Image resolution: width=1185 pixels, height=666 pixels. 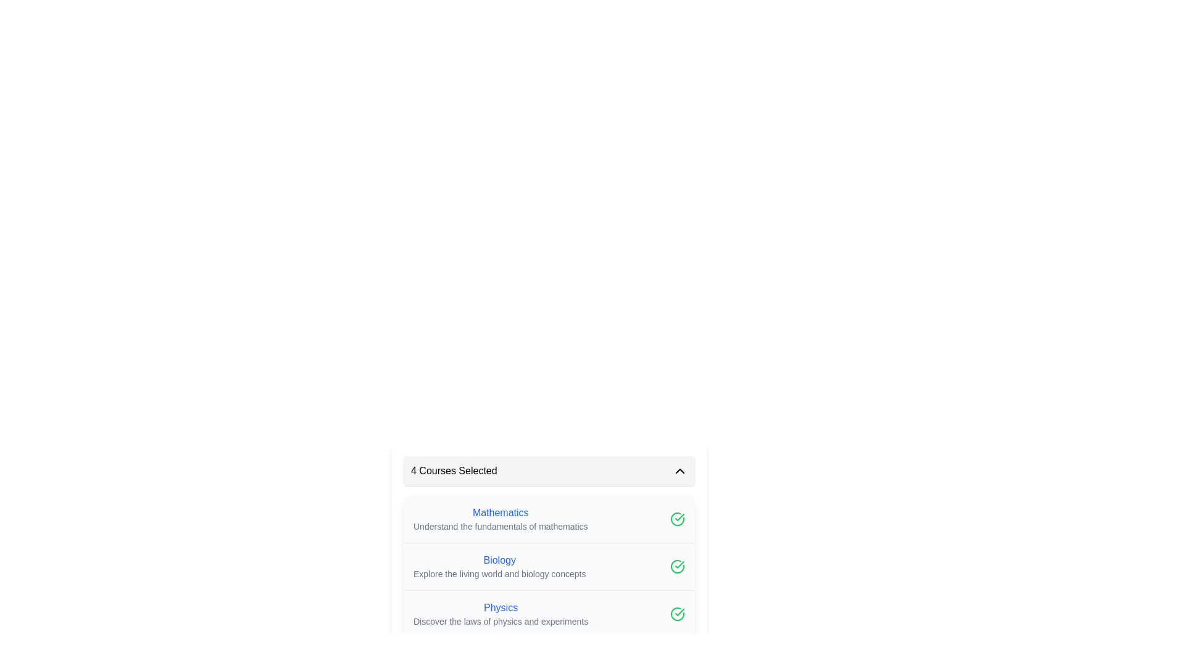 I want to click on the non-interactive static text that provides a description of the 'Physics' course, located directly below the 'Physics' title, so click(x=501, y=621).